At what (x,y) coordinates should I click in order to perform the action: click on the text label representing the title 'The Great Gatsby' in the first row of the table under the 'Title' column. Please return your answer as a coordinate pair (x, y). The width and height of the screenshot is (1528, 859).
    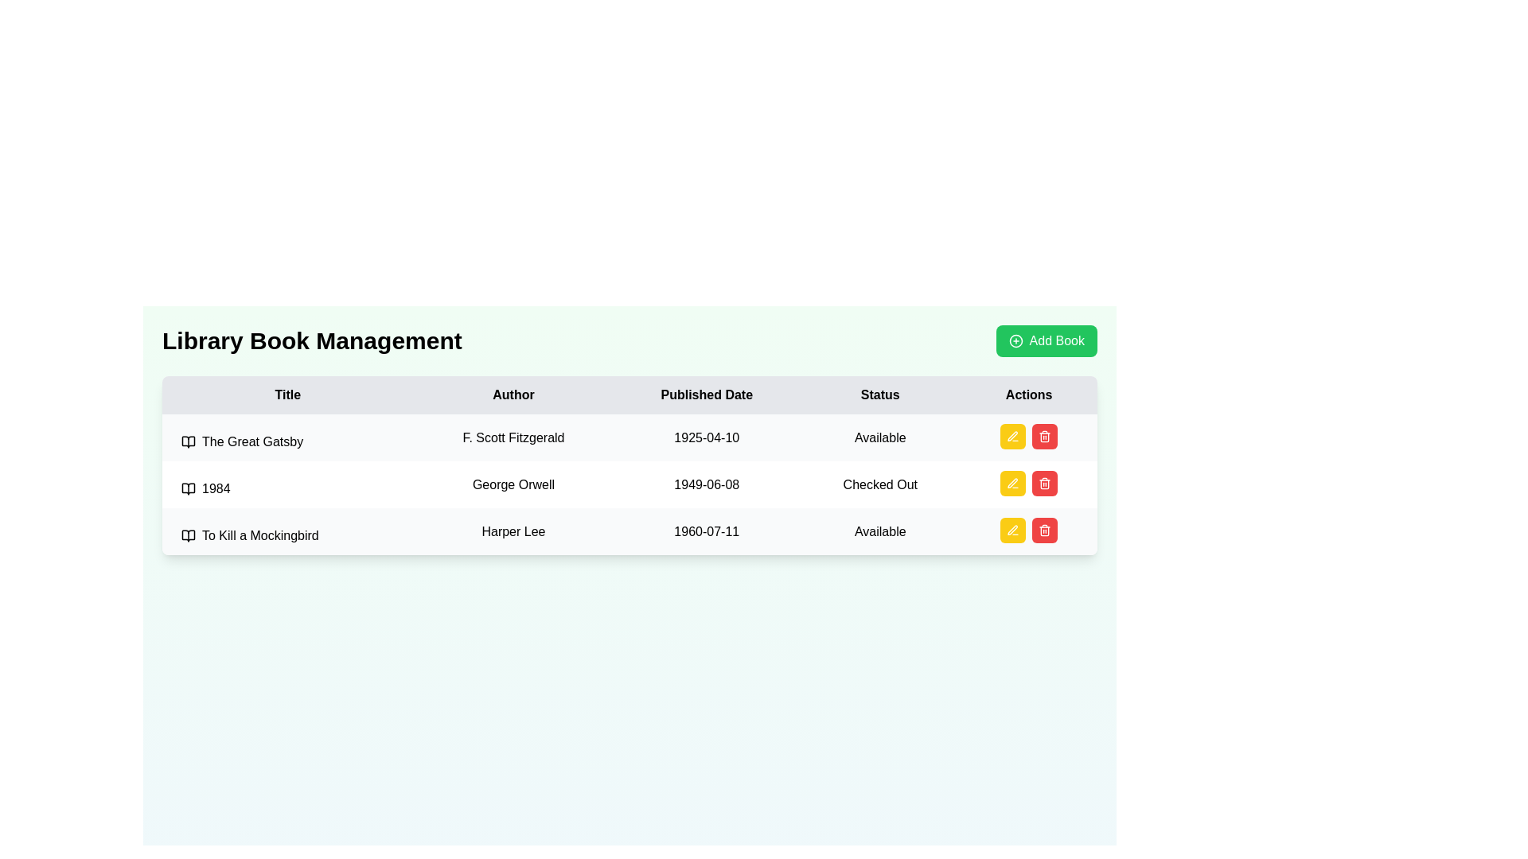
    Looking at the image, I should click on (287, 441).